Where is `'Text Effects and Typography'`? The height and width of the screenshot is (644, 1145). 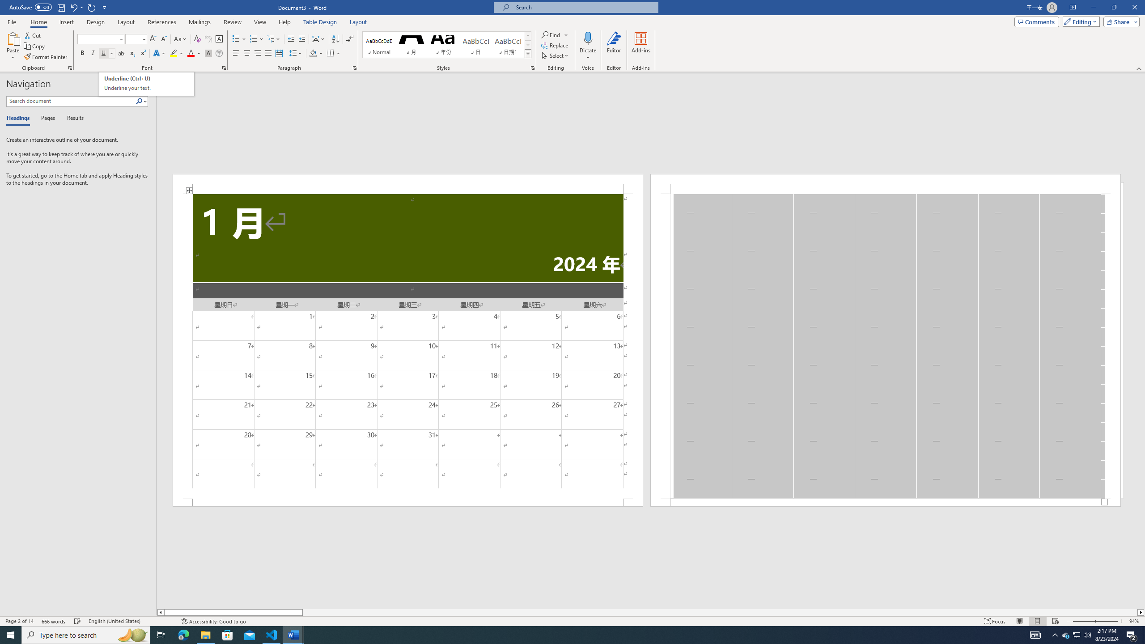
'Text Effects and Typography' is located at coordinates (158, 53).